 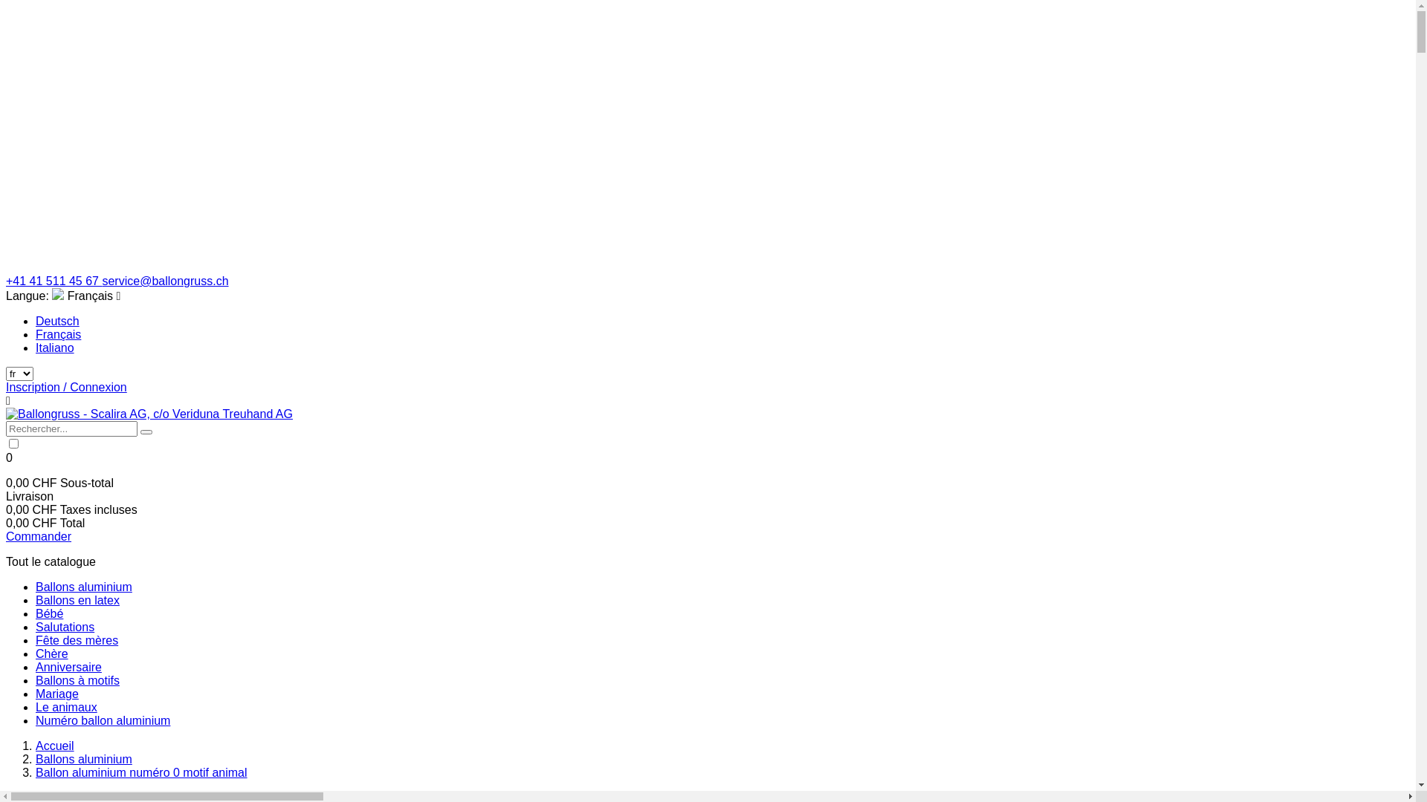 What do you see at coordinates (83, 586) in the screenshot?
I see `'Ballons aluminium'` at bounding box center [83, 586].